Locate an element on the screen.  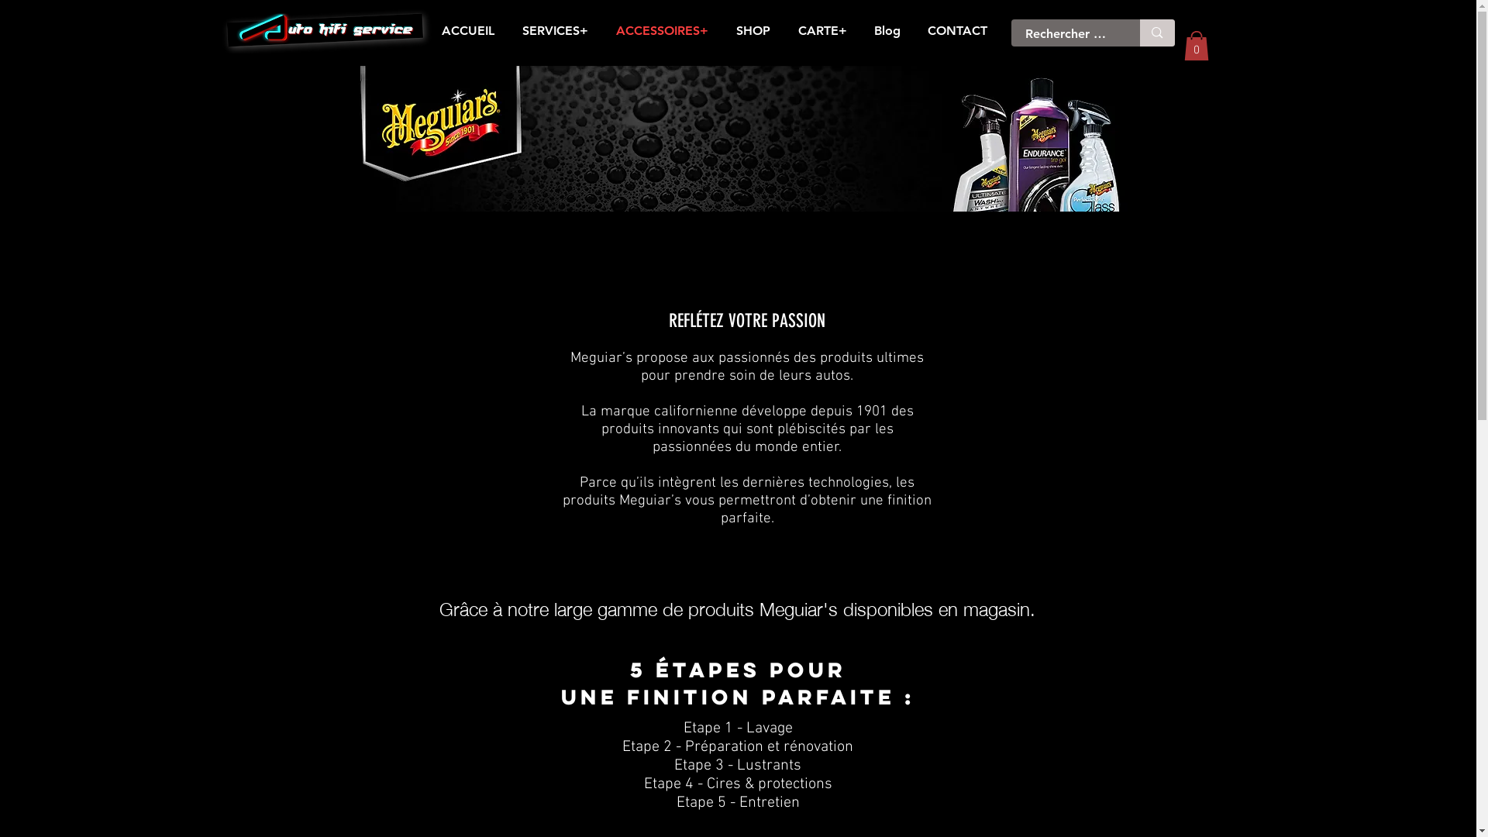
'ACCUEIL' is located at coordinates (467, 30).